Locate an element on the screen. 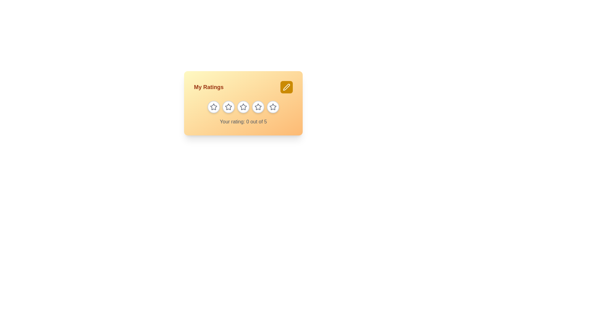 The image size is (593, 334). the second star in the horizontal row of five stars, which is located within the light orange box labeled 'My Ratings', to provide feedback is located at coordinates (228, 107).